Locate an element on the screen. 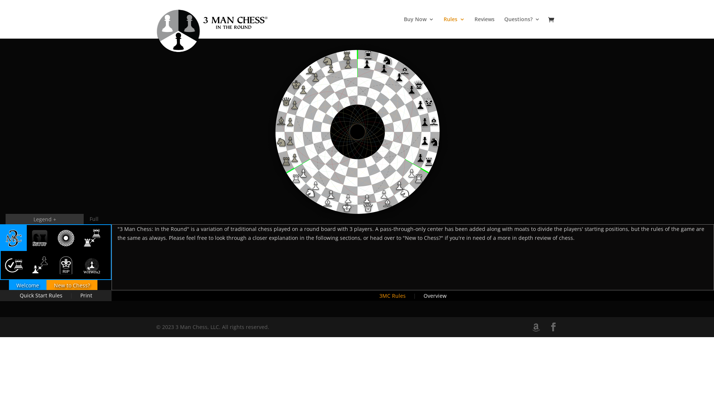 The width and height of the screenshot is (714, 401). '3MC Notation' is located at coordinates (91, 264).